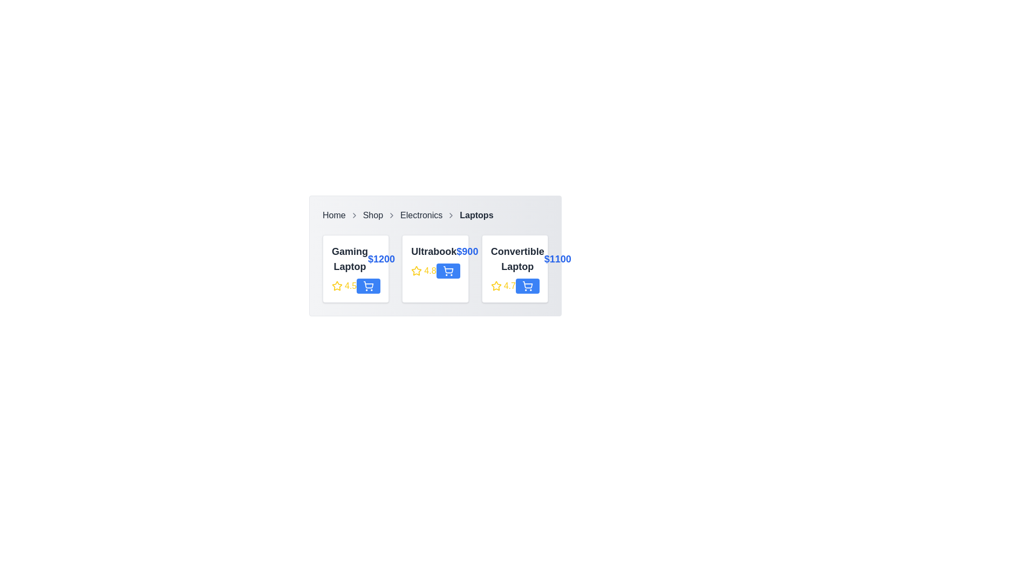 This screenshot has height=582, width=1036. I want to click on the shopping cart icon within the 'Add to Cart' button located at the bottom of the 'Gaming Laptop' card, so click(369, 286).